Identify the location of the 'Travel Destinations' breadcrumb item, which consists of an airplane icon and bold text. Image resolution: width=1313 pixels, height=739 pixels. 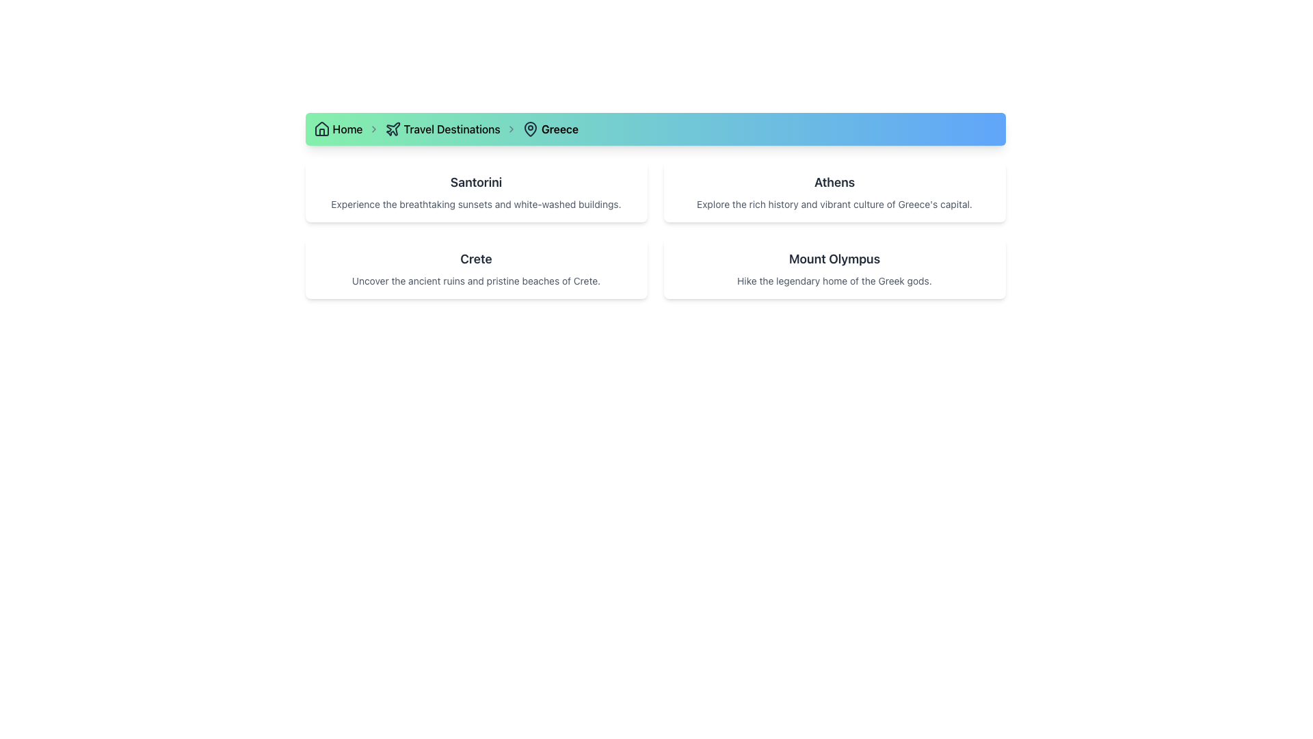
(442, 129).